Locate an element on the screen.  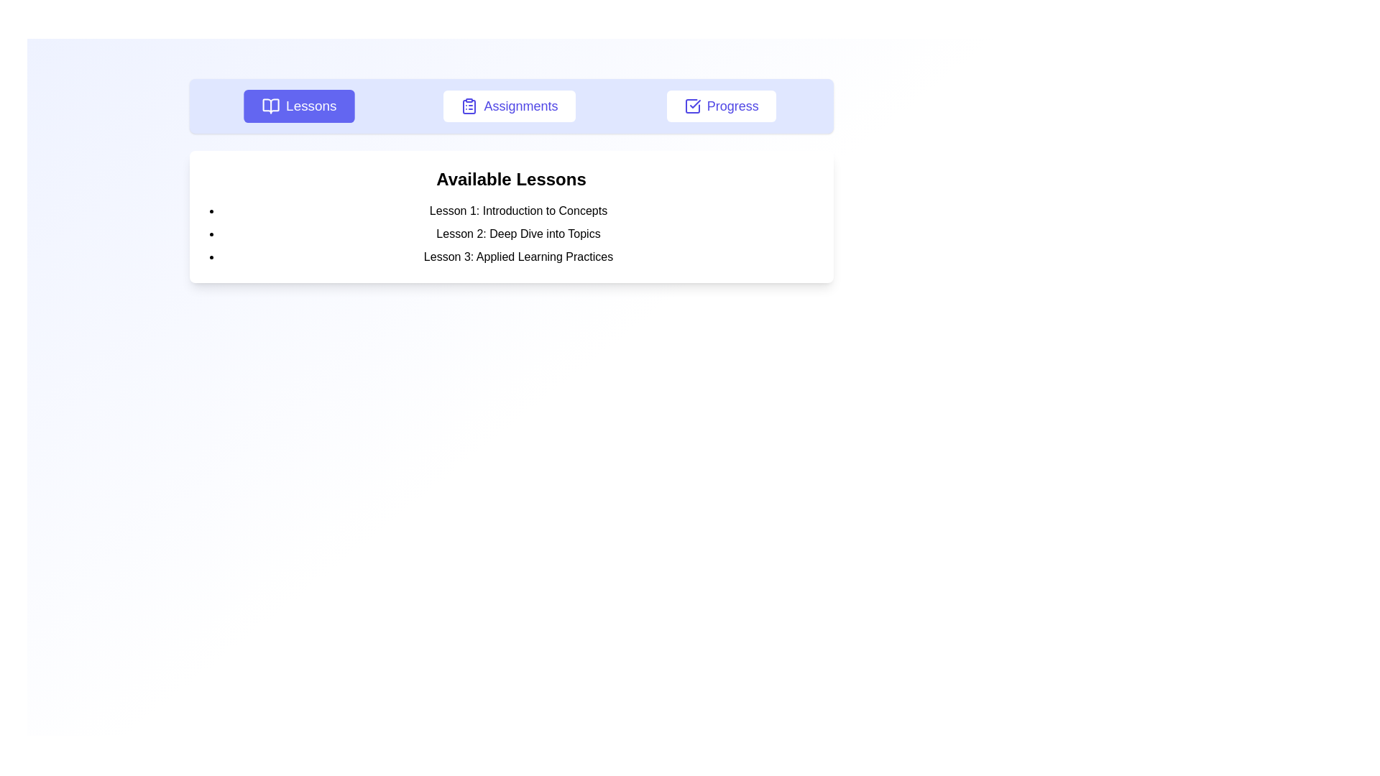
the text list item labeled 'Lesson 3: Applied Learning Practices' in the 'Available Lessons' list is located at coordinates (517, 257).